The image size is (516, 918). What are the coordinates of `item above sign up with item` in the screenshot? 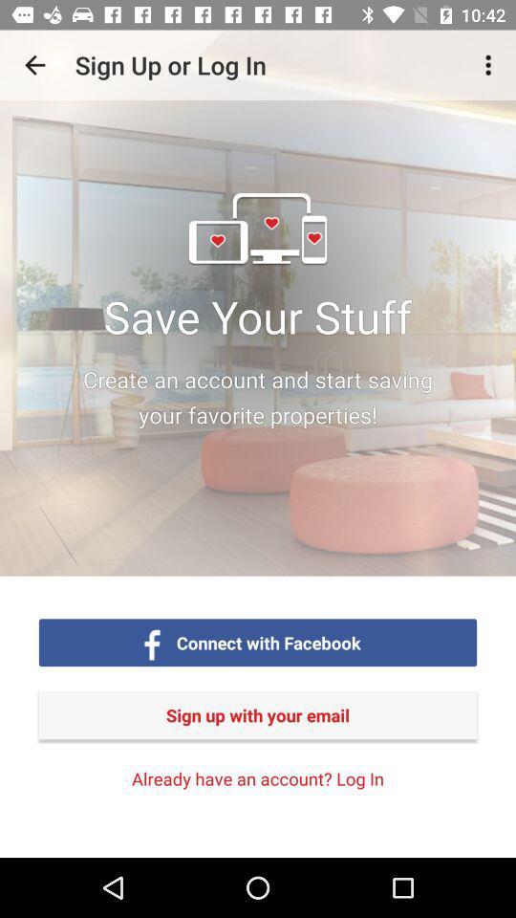 It's located at (268, 643).